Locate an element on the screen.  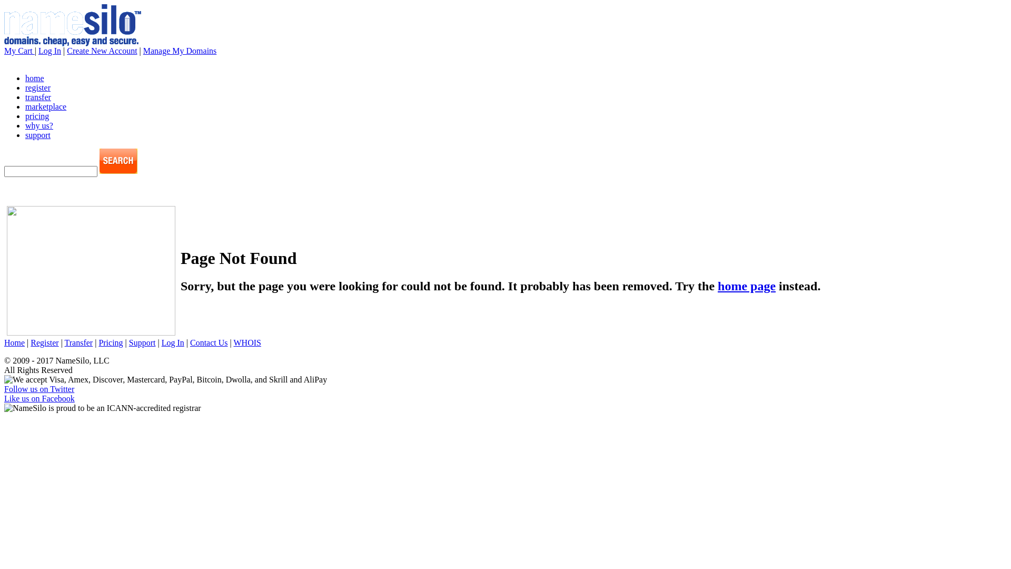
'Pricing' is located at coordinates (98, 342).